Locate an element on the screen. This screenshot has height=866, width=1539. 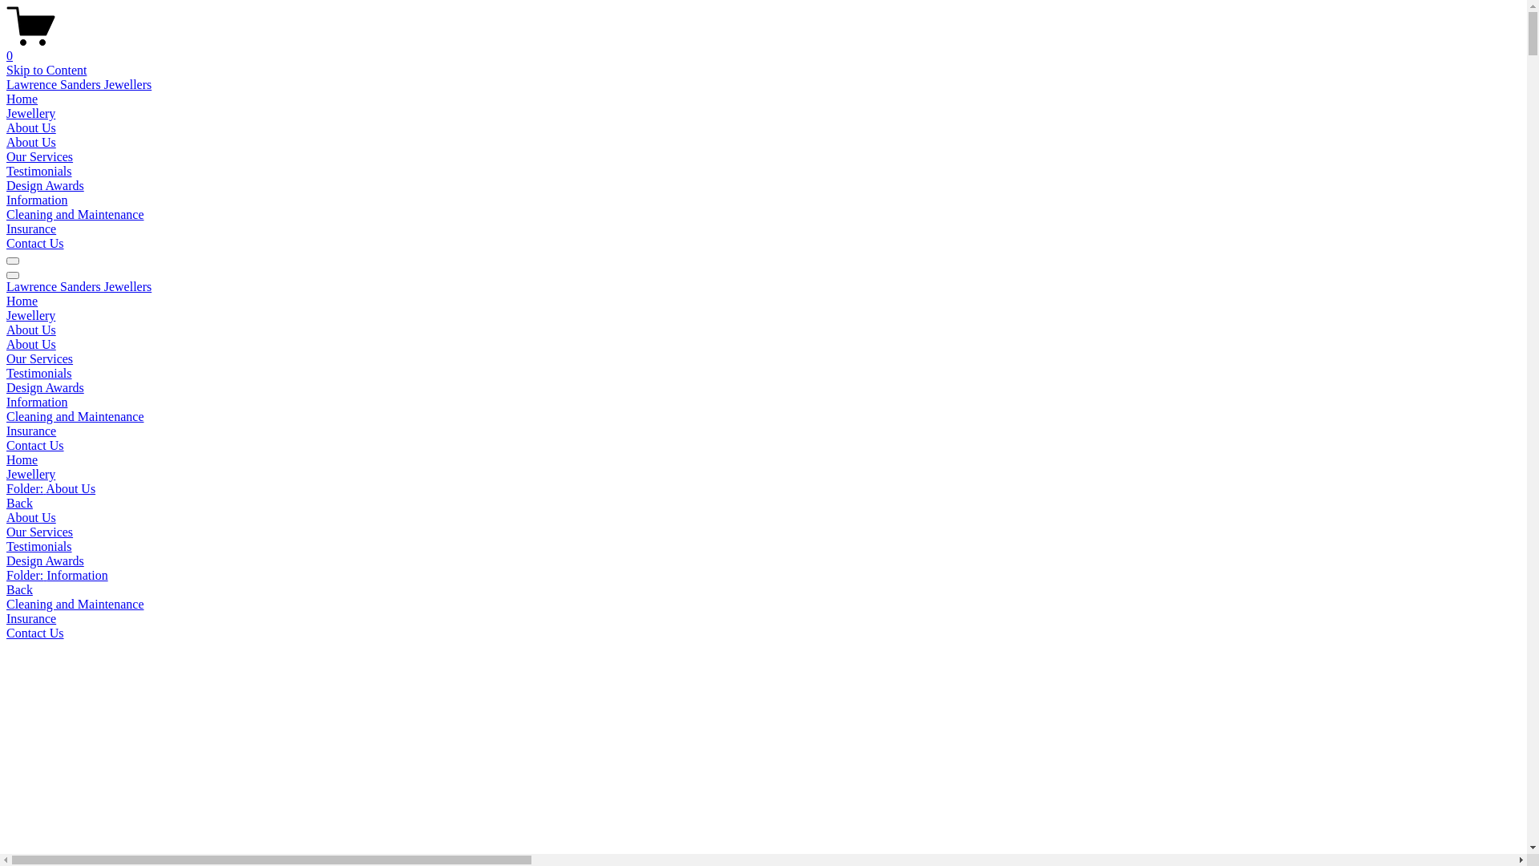
'Lawrence Sanders Jewellers' is located at coordinates (78, 84).